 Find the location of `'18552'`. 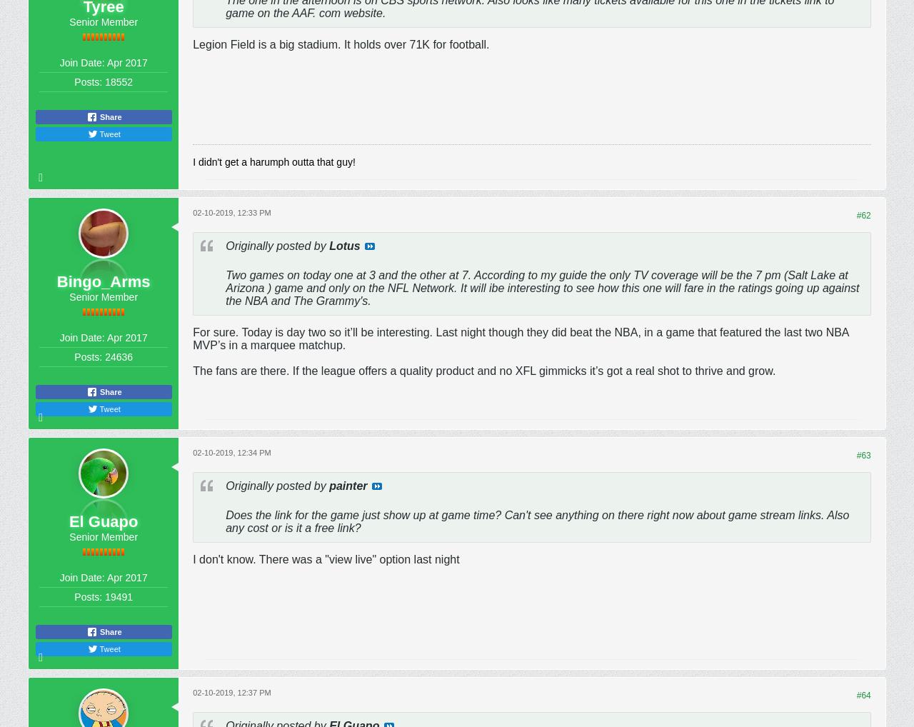

'18552' is located at coordinates (119, 81).